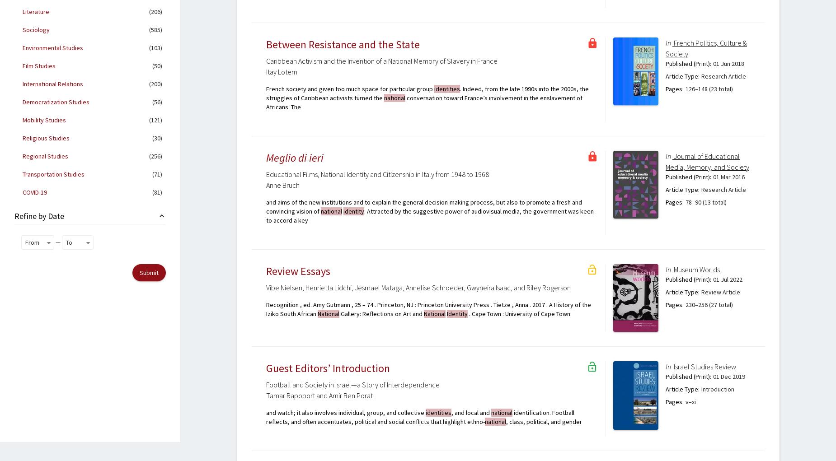 The width and height of the screenshot is (836, 461). What do you see at coordinates (155, 119) in the screenshot?
I see `'(121)'` at bounding box center [155, 119].